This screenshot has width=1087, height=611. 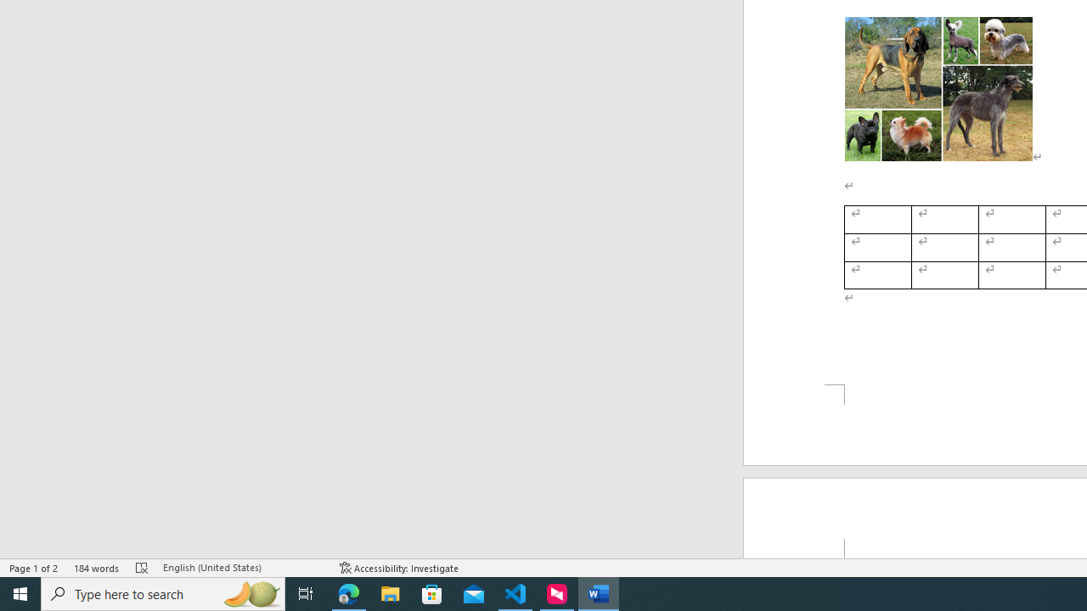 I want to click on 'Word Count 184 words', so click(x=95, y=568).